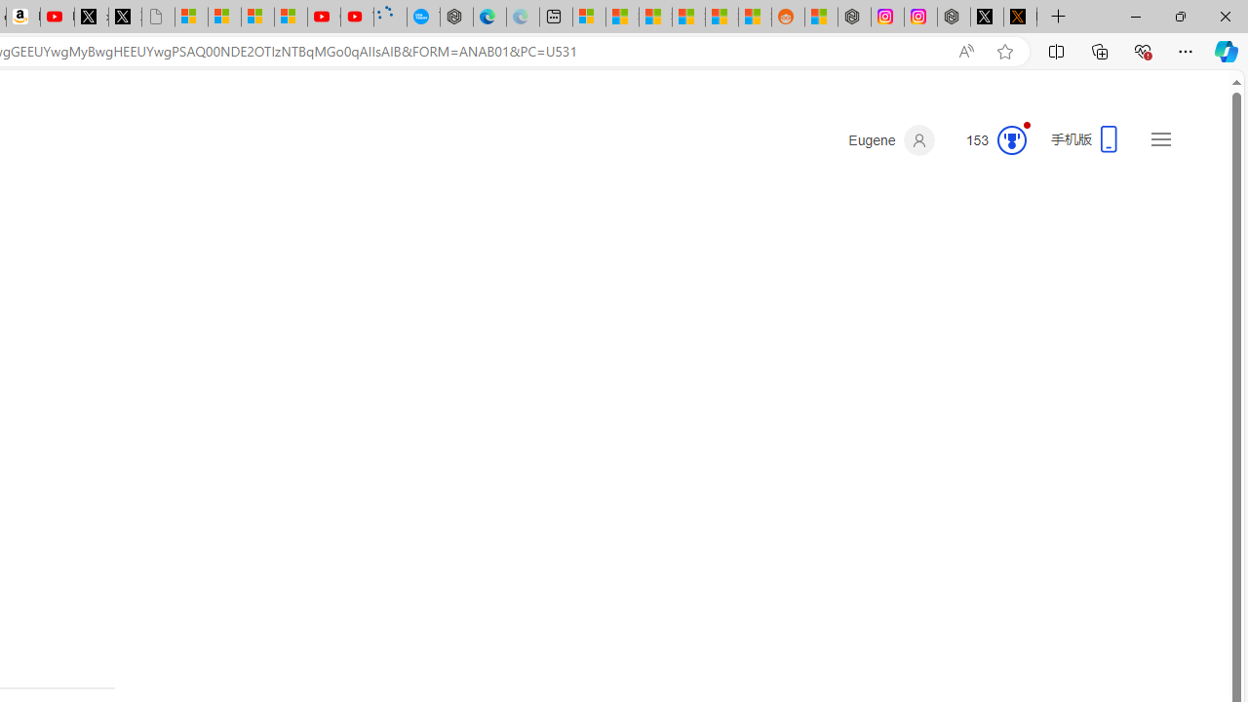  Describe the element at coordinates (1179, 16) in the screenshot. I see `'Restore'` at that location.